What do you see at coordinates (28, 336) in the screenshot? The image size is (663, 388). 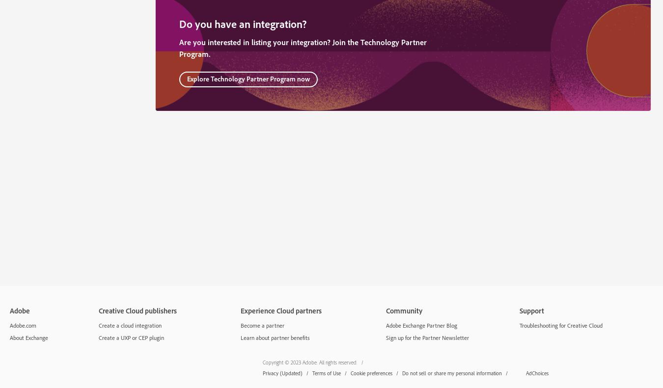 I see `'About Exchange'` at bounding box center [28, 336].